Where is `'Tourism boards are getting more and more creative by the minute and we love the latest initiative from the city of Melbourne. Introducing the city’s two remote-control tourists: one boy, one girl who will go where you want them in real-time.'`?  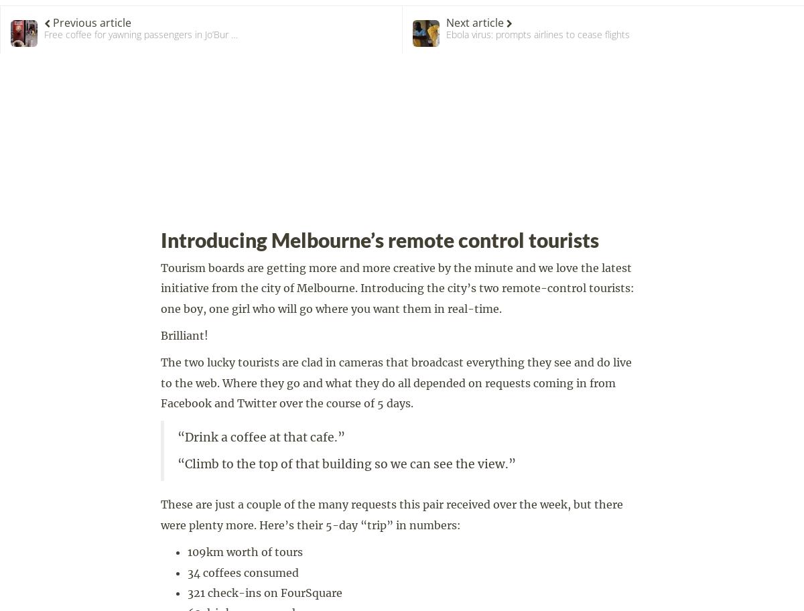
'Tourism boards are getting more and more creative by the minute and we love the latest initiative from the city of Melbourne. Introducing the city’s two remote-control tourists: one boy, one girl who will go where you want them in real-time.' is located at coordinates (397, 287).